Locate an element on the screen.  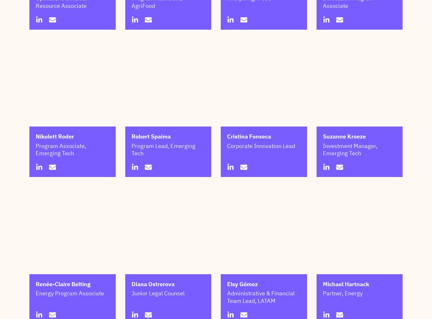
'Cristina Fonseca' is located at coordinates (227, 168).